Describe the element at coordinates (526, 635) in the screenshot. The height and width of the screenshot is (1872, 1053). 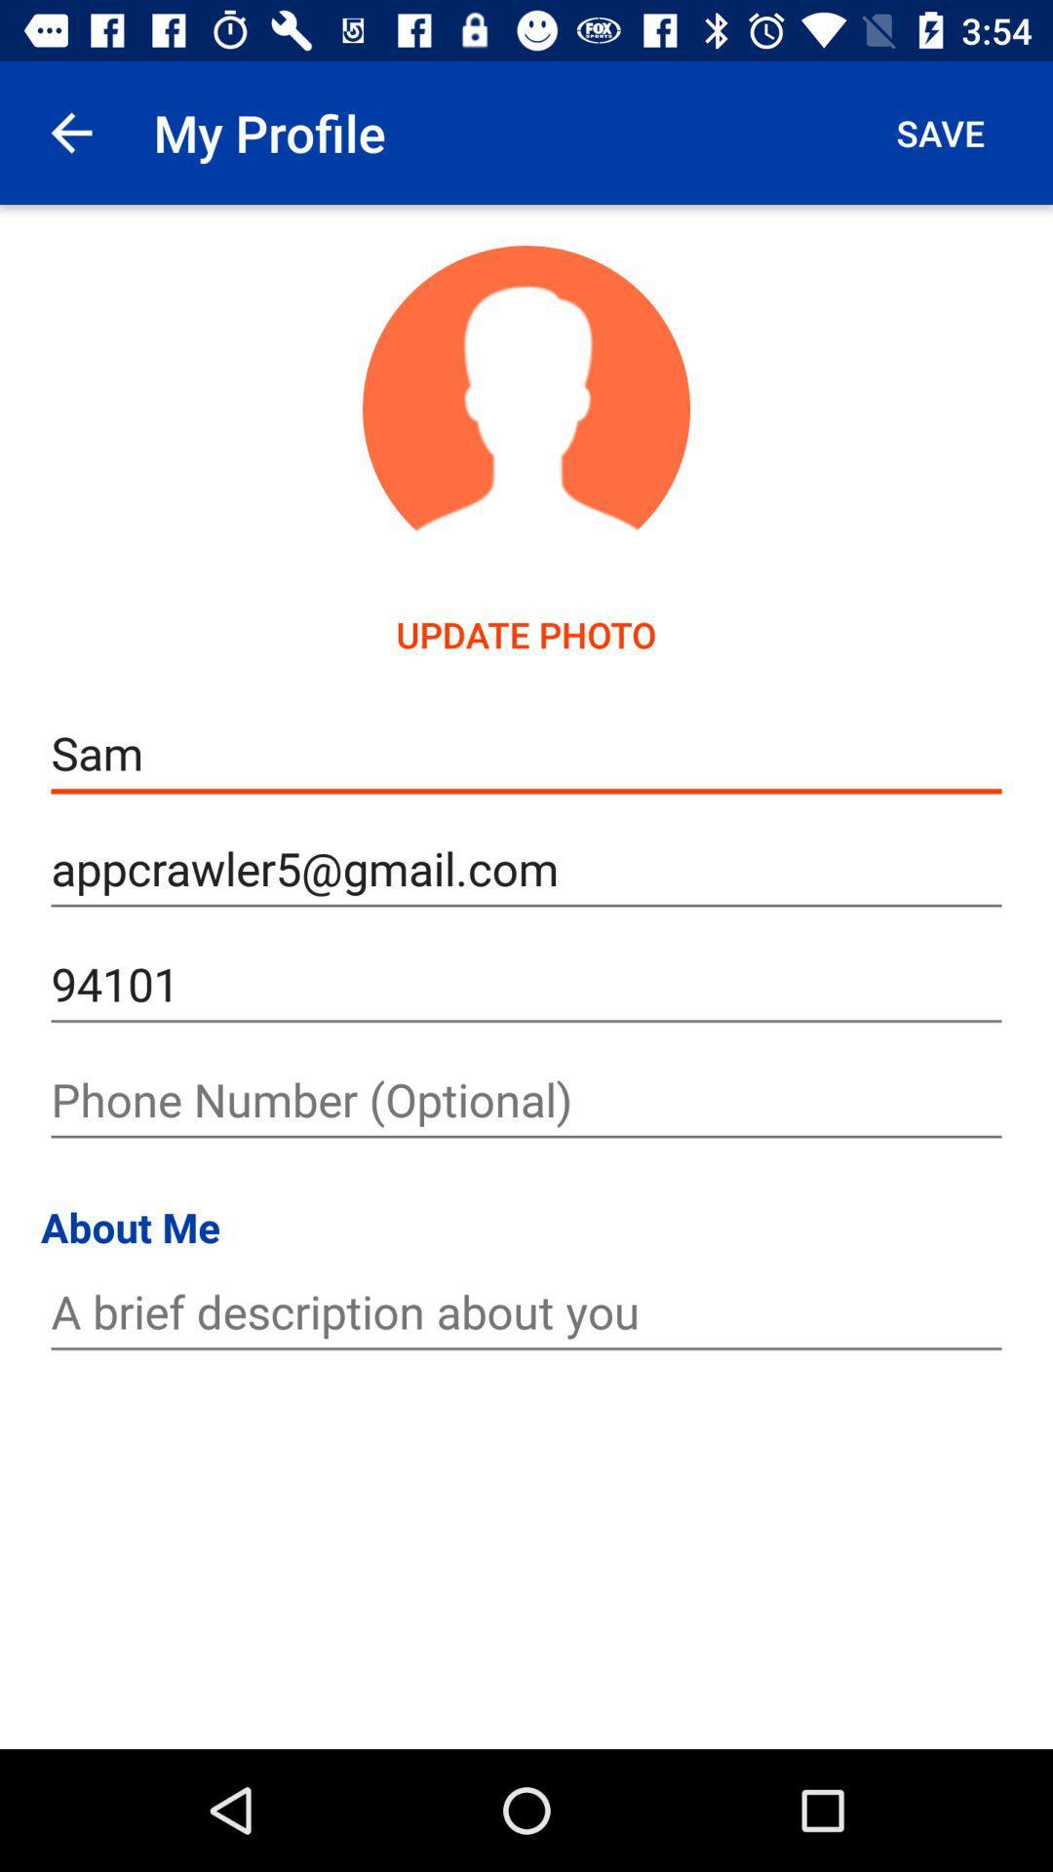
I see `the update photo` at that location.